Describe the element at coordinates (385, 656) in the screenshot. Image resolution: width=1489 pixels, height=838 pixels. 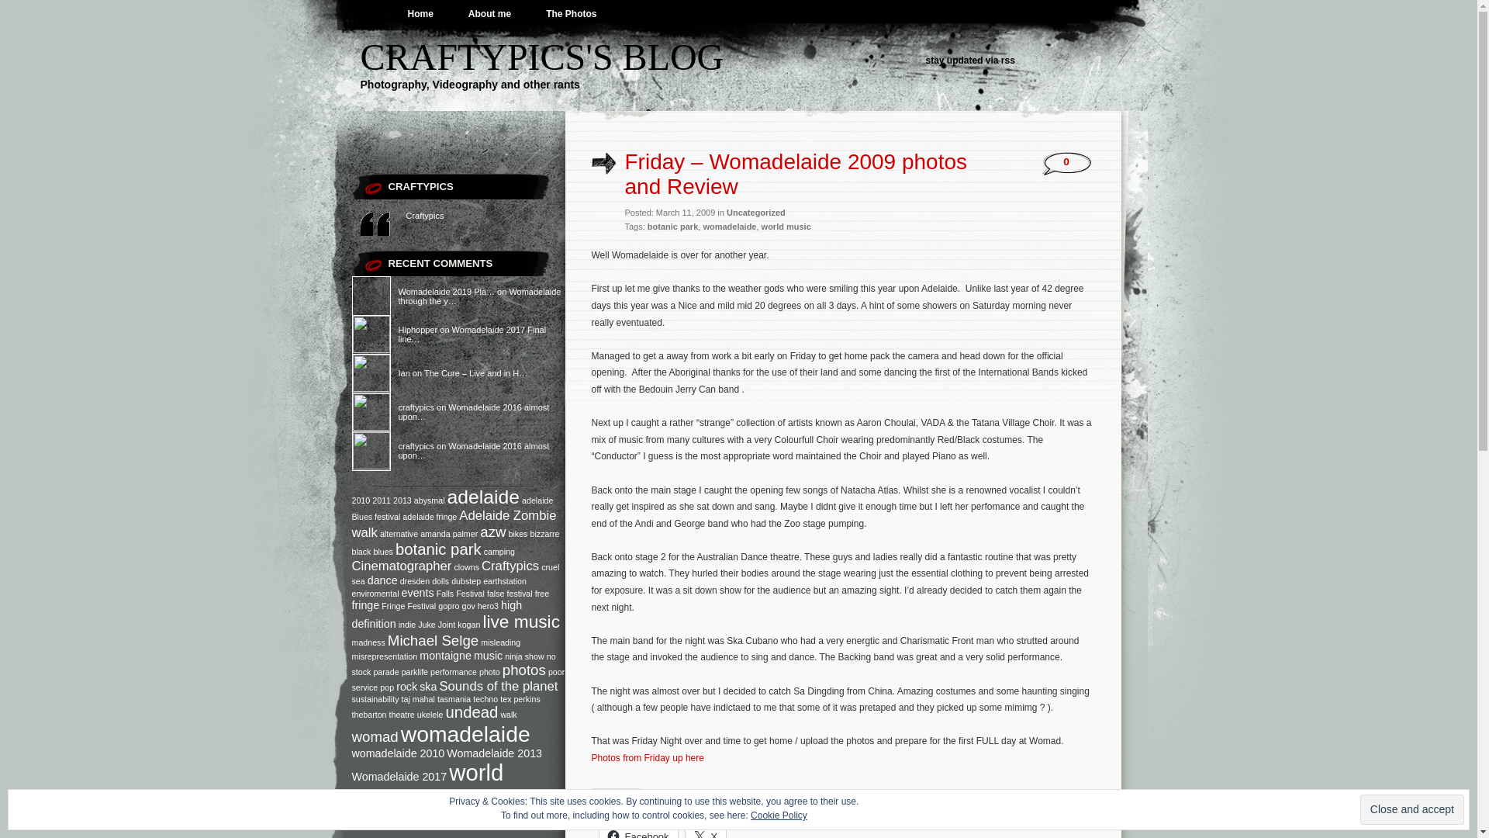
I see `'misrepresentation'` at that location.